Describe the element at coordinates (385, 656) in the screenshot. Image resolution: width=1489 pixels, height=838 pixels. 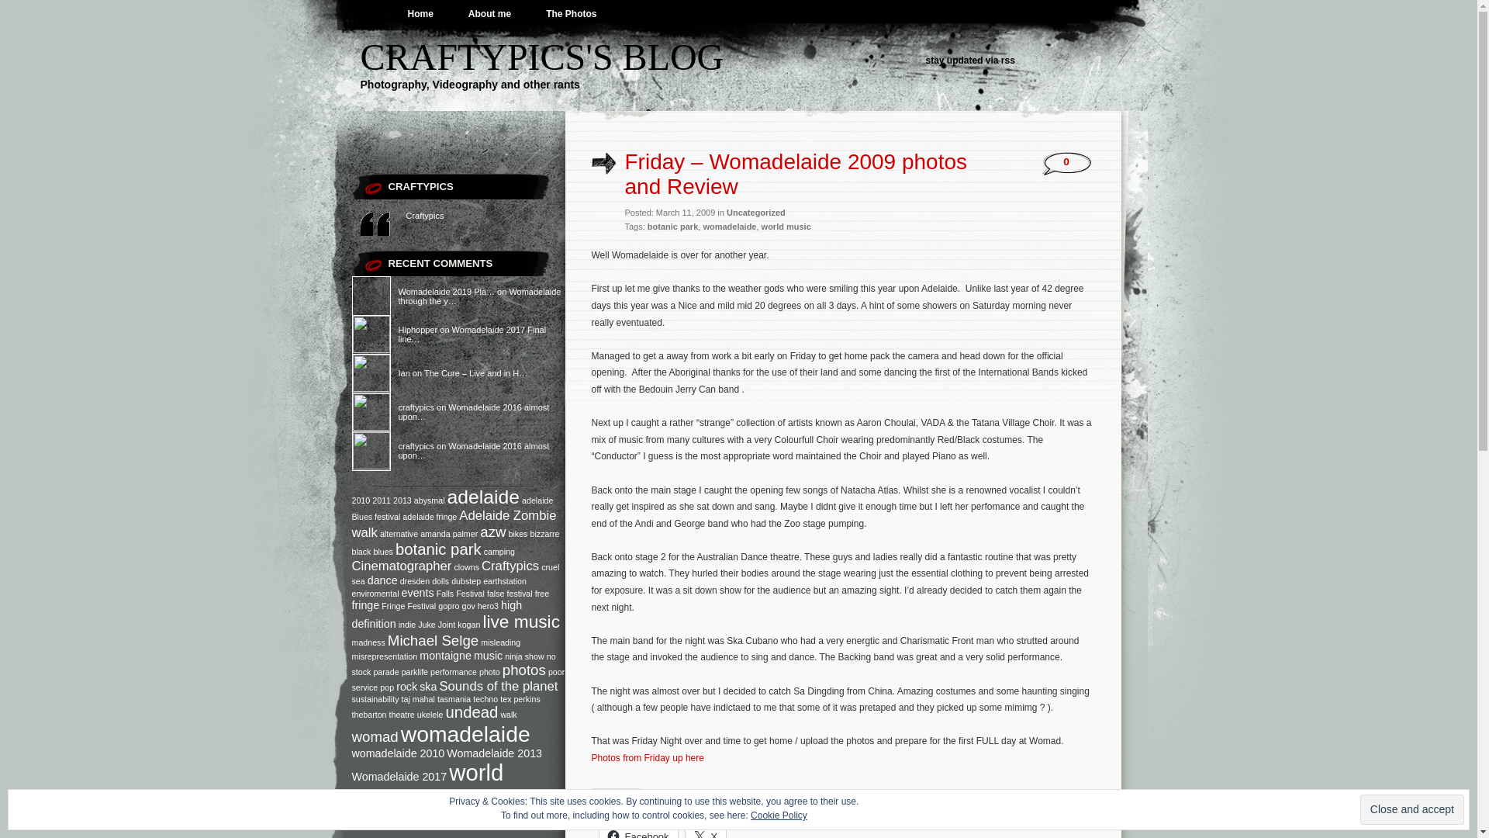
I see `'misrepresentation'` at that location.